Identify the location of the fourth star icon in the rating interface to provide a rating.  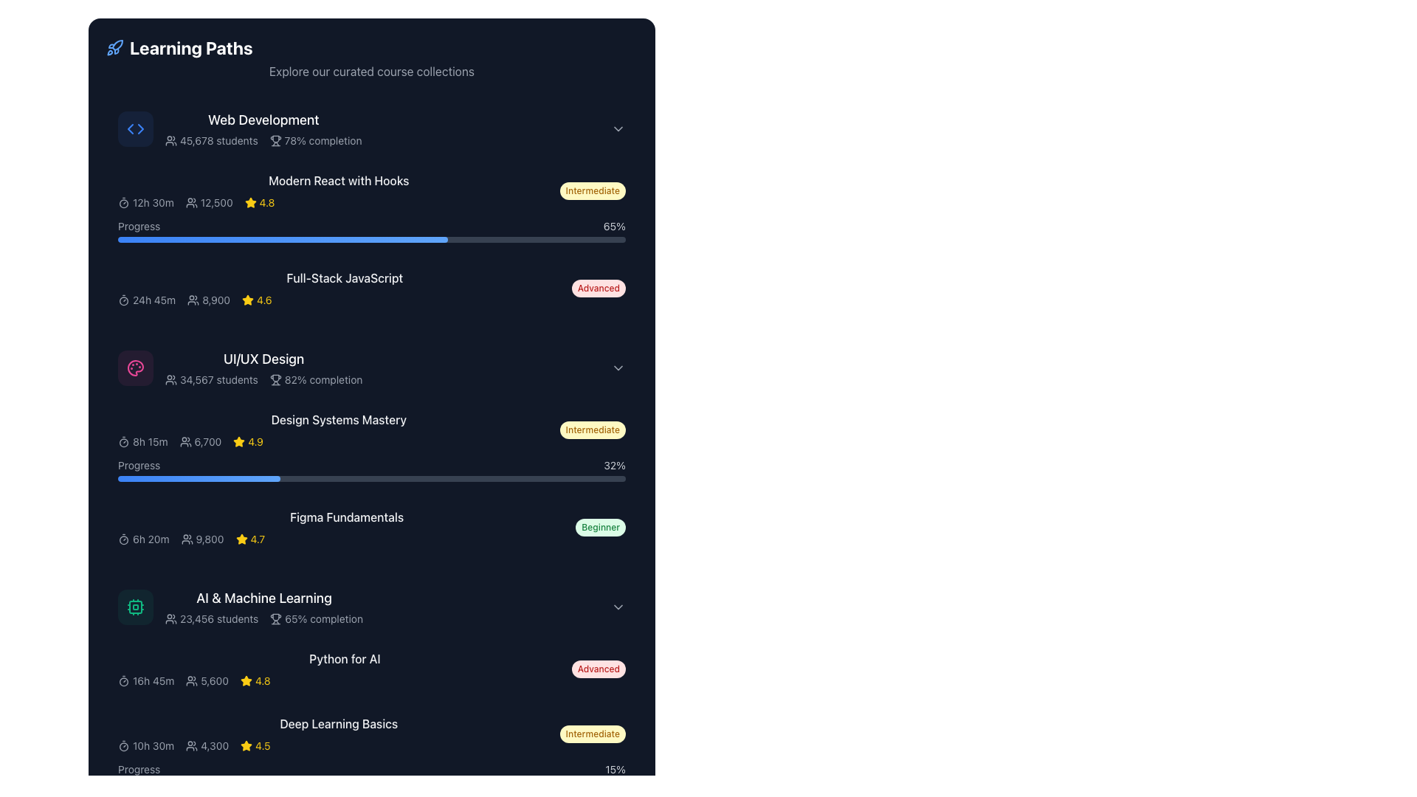
(248, 299).